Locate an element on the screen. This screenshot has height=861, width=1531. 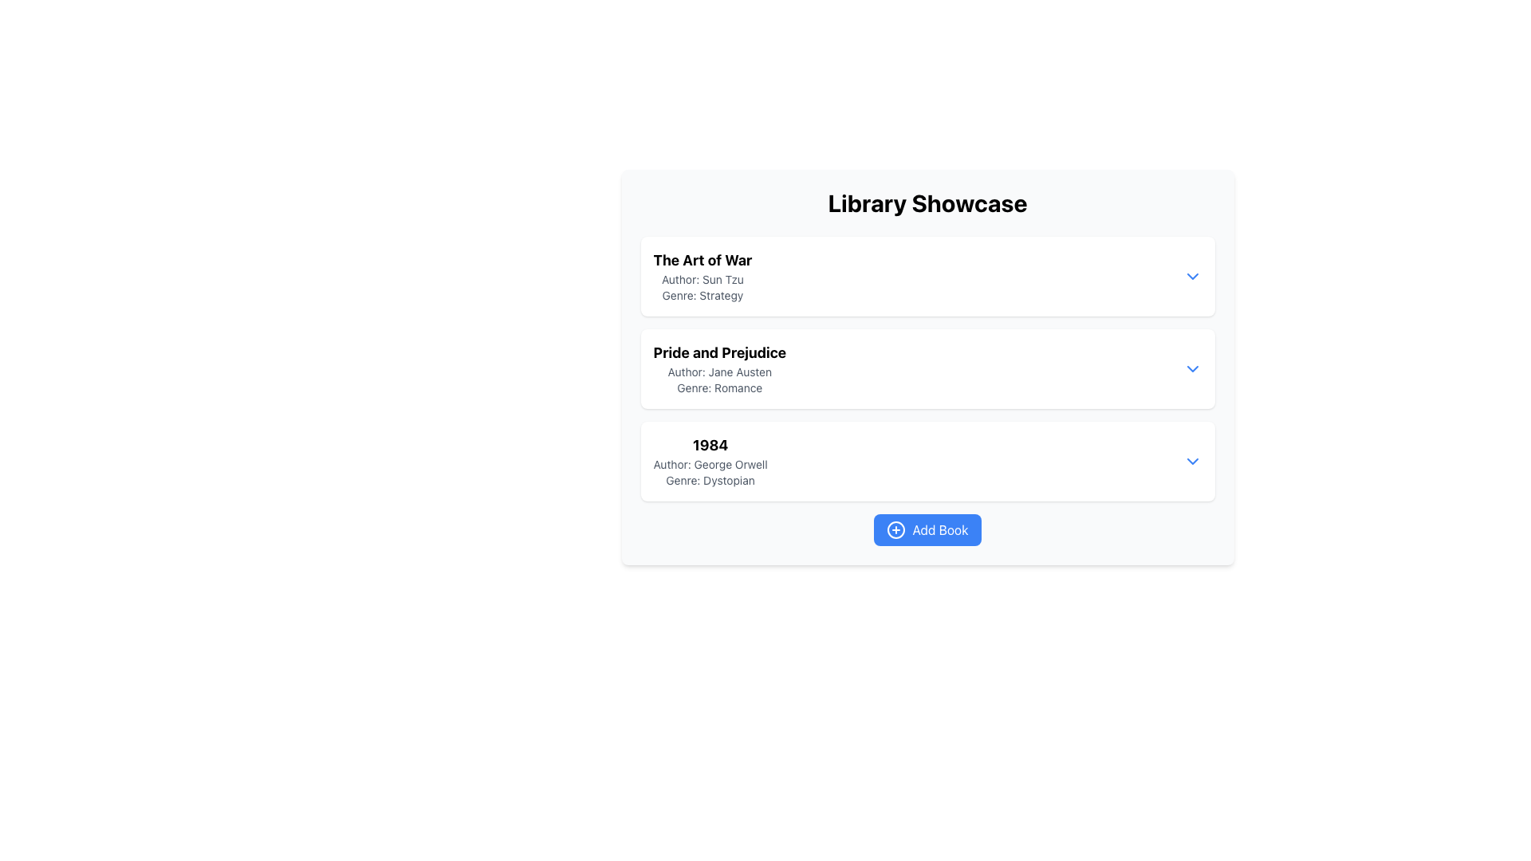
text from the Text Label displaying 'Pride and Prejudice', which is prominently positioned in bold and large font at the top of the section in the 'Library Showcase' is located at coordinates (718, 352).